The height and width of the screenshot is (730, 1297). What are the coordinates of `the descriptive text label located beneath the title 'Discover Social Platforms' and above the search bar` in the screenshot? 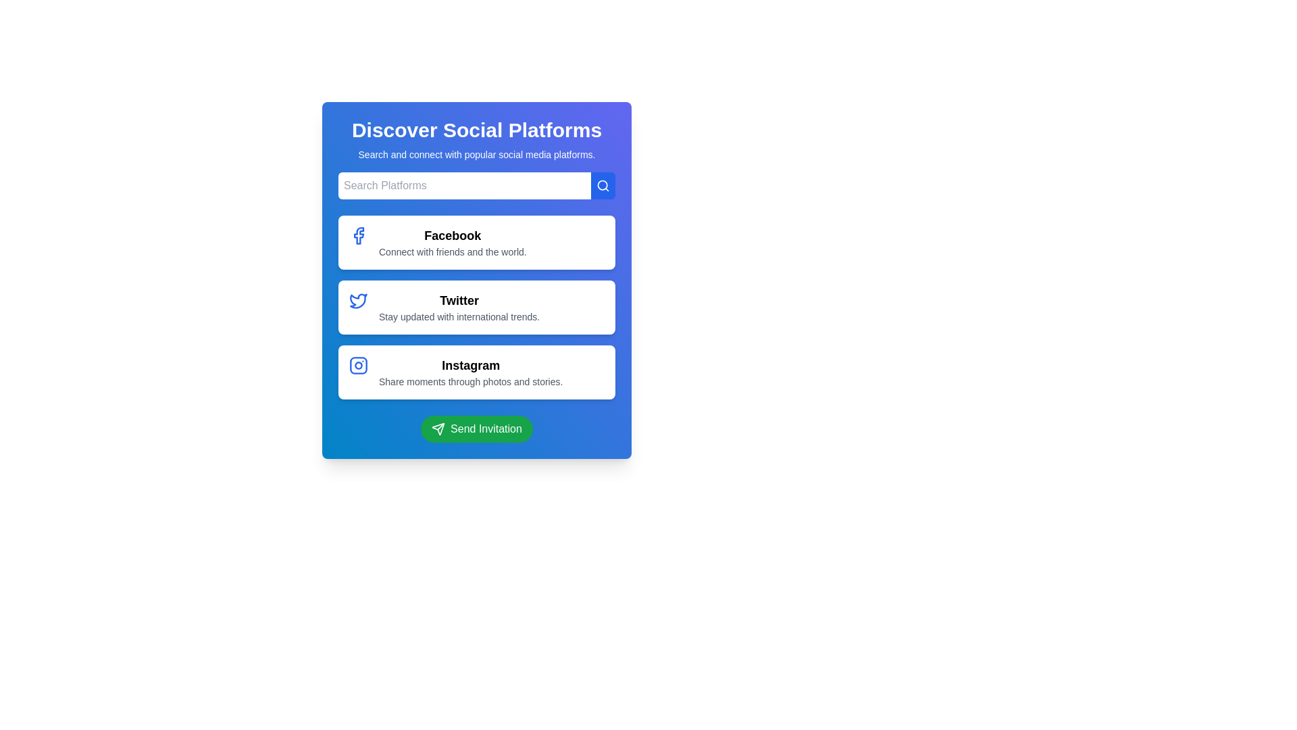 It's located at (476, 153).